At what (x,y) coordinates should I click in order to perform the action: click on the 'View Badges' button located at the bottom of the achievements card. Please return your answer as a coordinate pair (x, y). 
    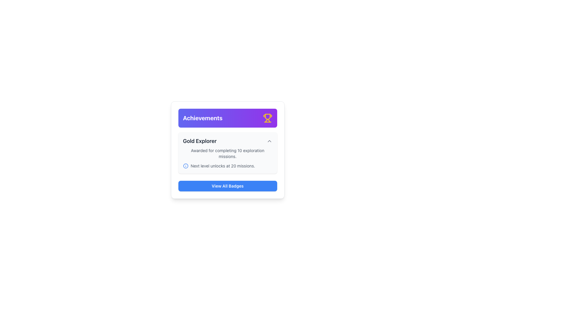
    Looking at the image, I should click on (227, 185).